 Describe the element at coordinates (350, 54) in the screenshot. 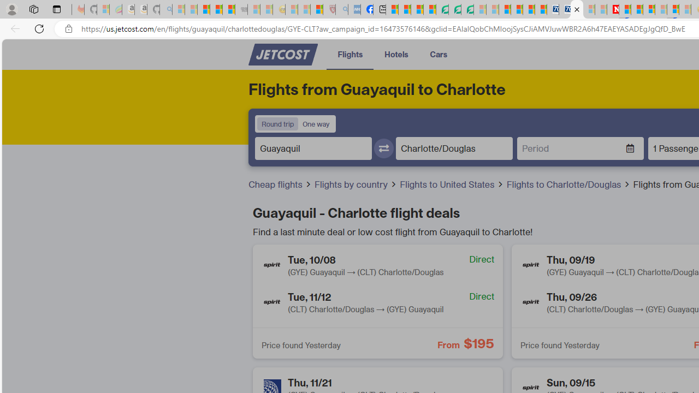

I see `'Flights'` at that location.